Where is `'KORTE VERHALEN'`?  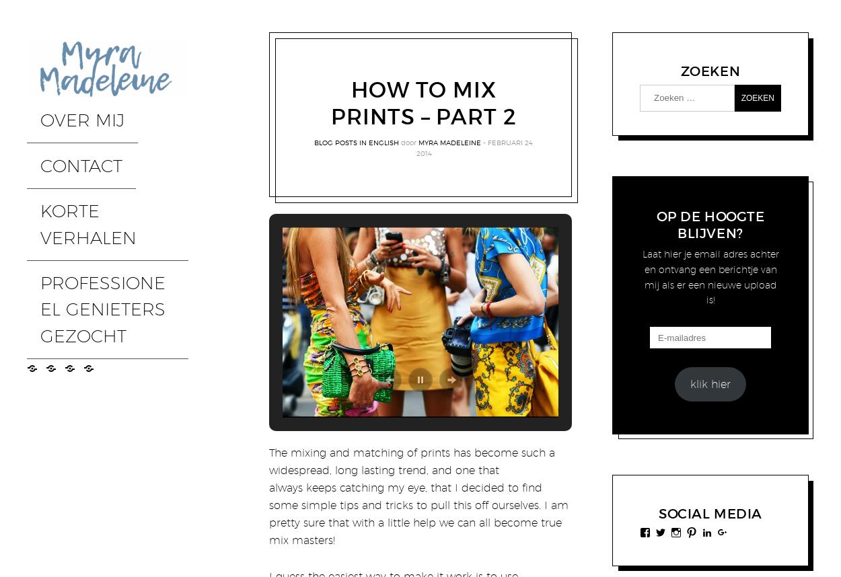 'KORTE VERHALEN' is located at coordinates (82, 154).